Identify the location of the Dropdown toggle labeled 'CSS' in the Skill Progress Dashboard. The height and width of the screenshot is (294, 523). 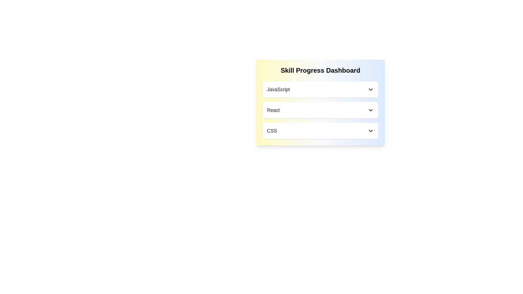
(320, 131).